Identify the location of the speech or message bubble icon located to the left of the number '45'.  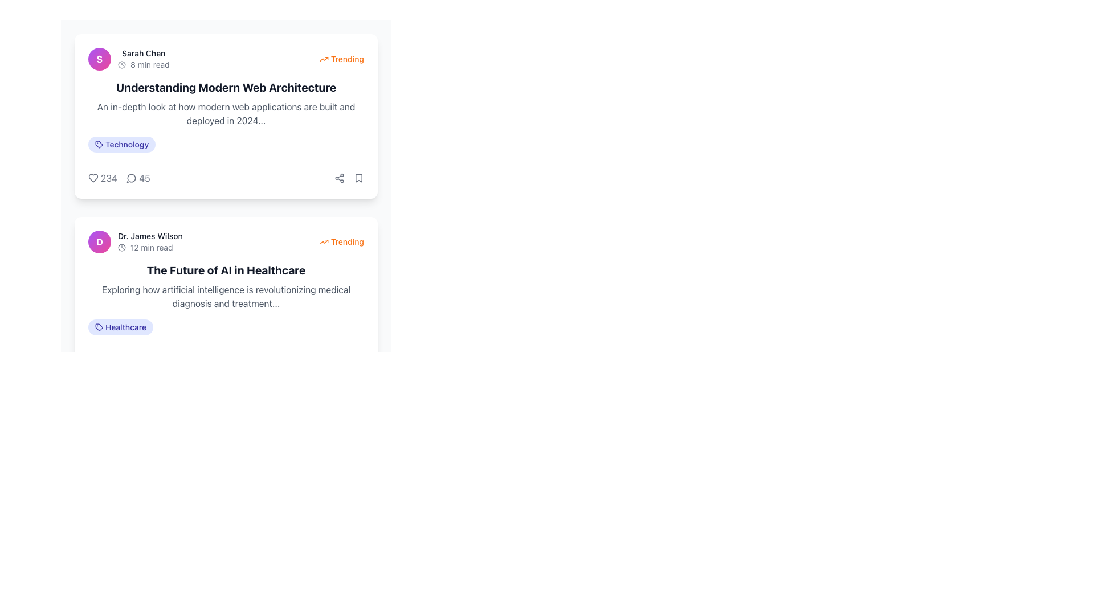
(131, 178).